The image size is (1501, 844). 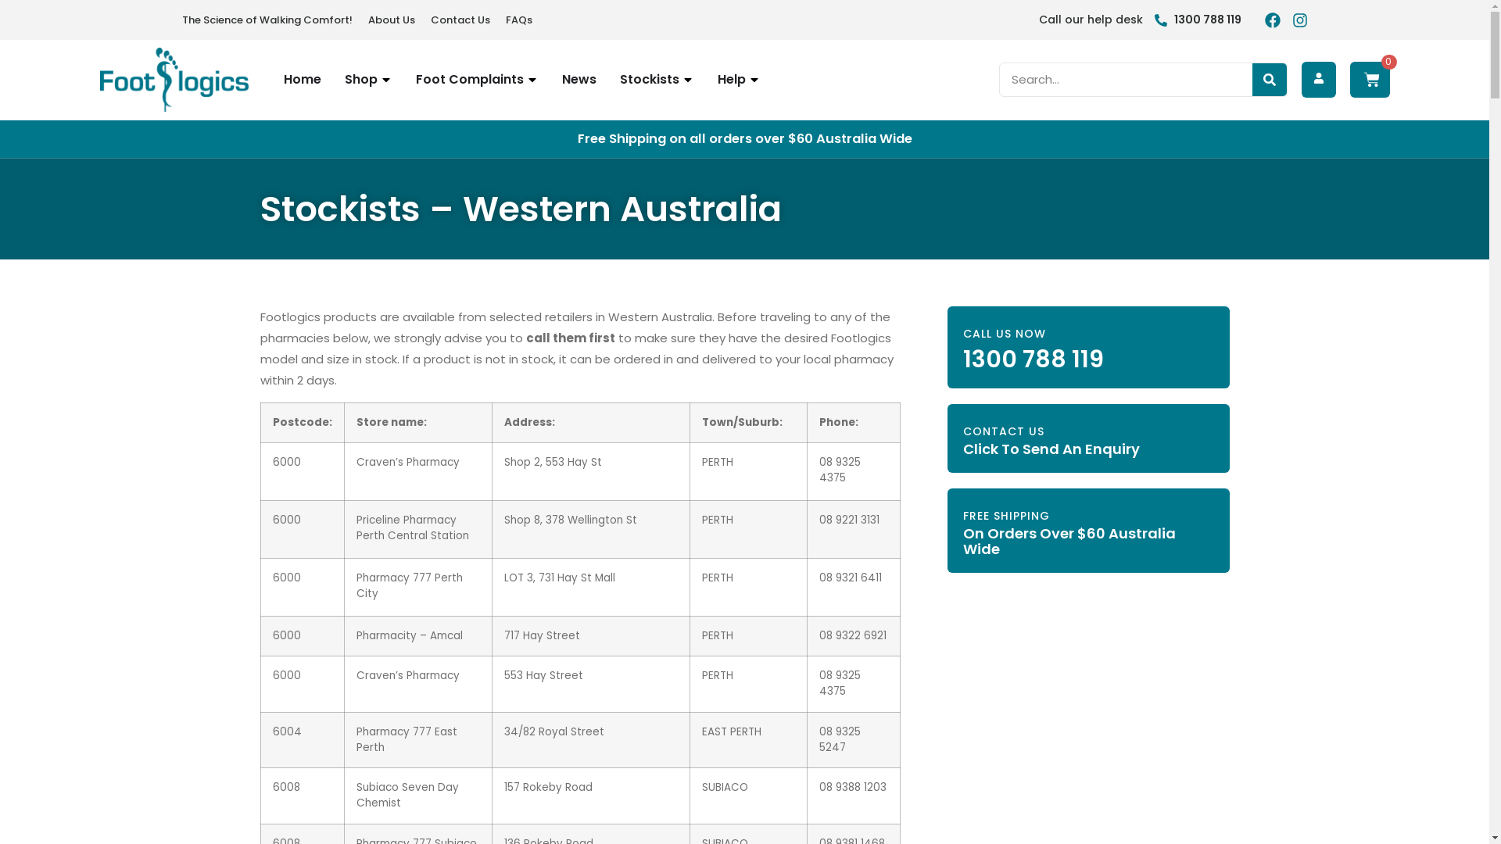 What do you see at coordinates (174, 79) in the screenshot?
I see `'FL-logo-NEW'` at bounding box center [174, 79].